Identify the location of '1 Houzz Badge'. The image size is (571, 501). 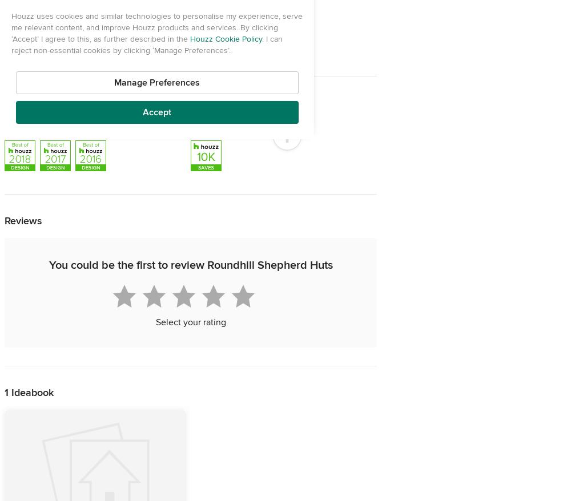
(218, 124).